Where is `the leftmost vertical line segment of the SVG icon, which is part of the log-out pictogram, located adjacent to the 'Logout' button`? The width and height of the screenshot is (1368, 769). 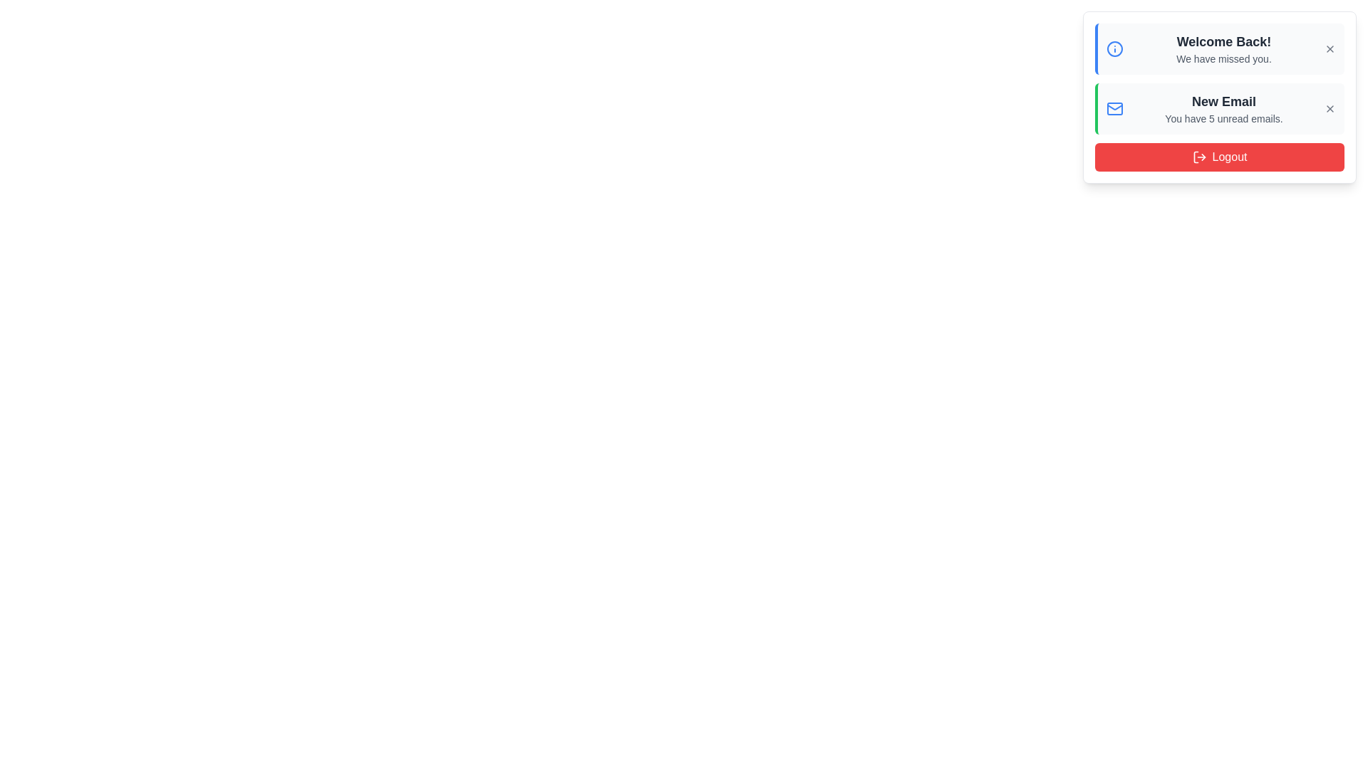 the leftmost vertical line segment of the SVG icon, which is part of the log-out pictogram, located adjacent to the 'Logout' button is located at coordinates (1196, 157).